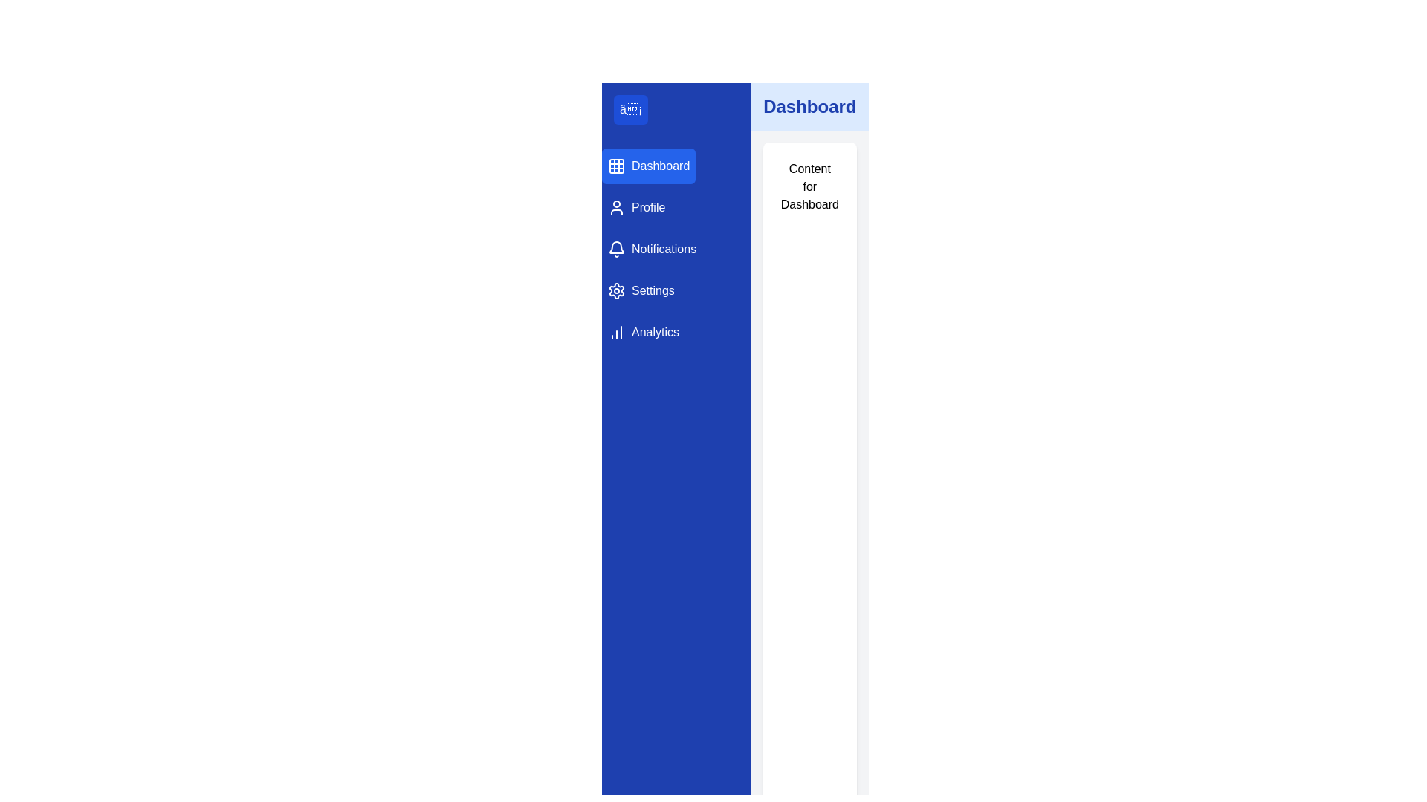 This screenshot has height=802, width=1427. I want to click on the Profile navigation button, which is the second item in the vertical menu located below the Dashboard and above Notifications, so click(636, 208).